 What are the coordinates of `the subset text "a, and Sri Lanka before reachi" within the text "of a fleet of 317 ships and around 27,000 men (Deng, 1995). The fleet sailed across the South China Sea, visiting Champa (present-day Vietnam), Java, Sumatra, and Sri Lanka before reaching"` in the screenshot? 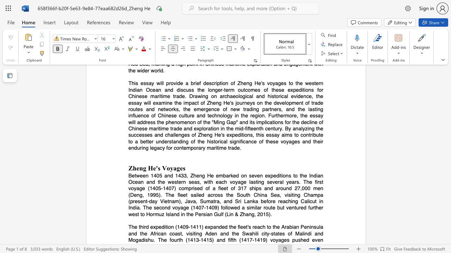 It's located at (216, 201).